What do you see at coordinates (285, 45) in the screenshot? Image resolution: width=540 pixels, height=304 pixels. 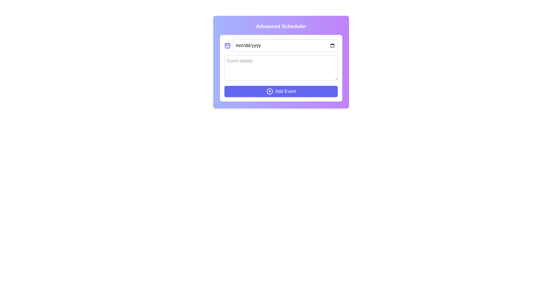 I see `a date from the date picker available in the date input field styled with a rounded border, located beside a calendar icon in the 'Advanced Scheduler' modal` at bounding box center [285, 45].